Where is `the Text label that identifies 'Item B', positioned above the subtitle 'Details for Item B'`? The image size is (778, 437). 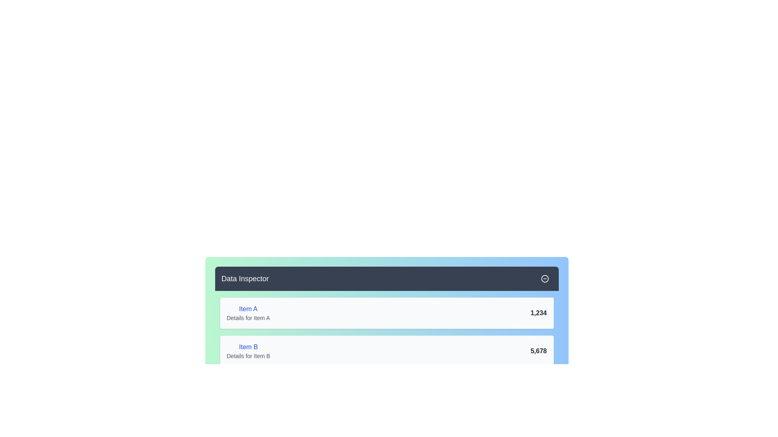 the Text label that identifies 'Item B', positioned above the subtitle 'Details for Item B' is located at coordinates (248, 346).